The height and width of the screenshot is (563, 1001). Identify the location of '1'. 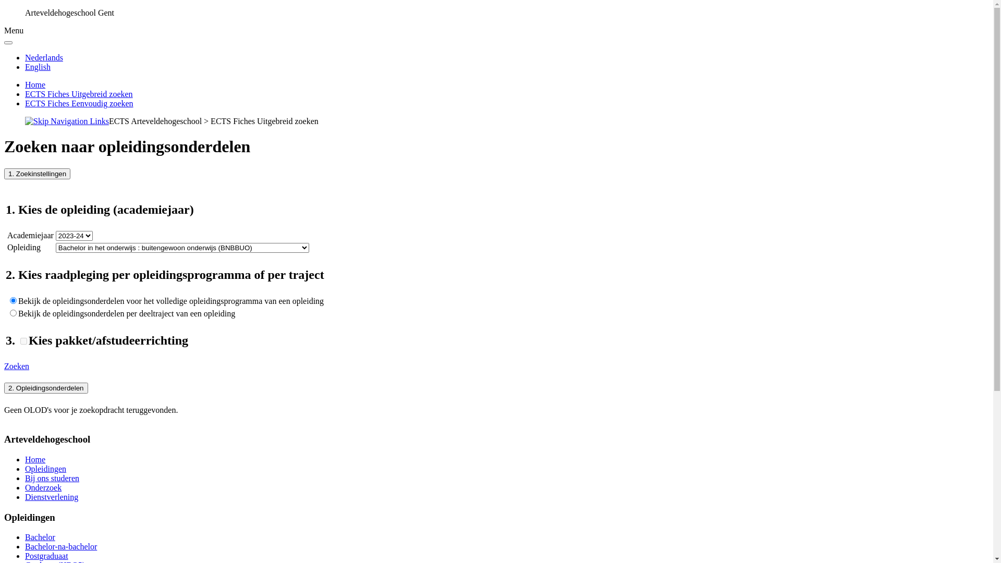
(13, 312).